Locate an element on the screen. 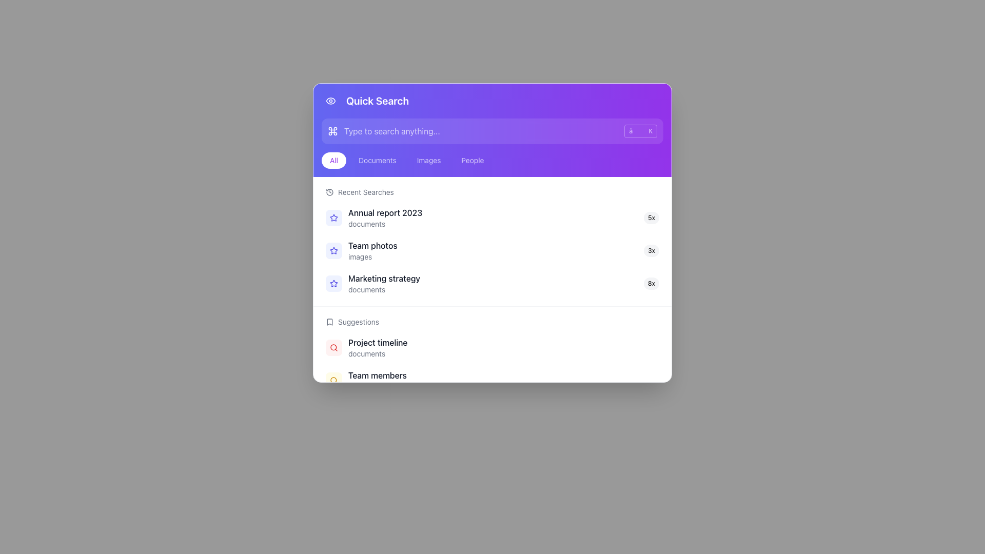 The height and width of the screenshot is (554, 985). the icon in the 'Recent Searches' section, located to the left of the 'Team photos' text is located at coordinates (334, 283).